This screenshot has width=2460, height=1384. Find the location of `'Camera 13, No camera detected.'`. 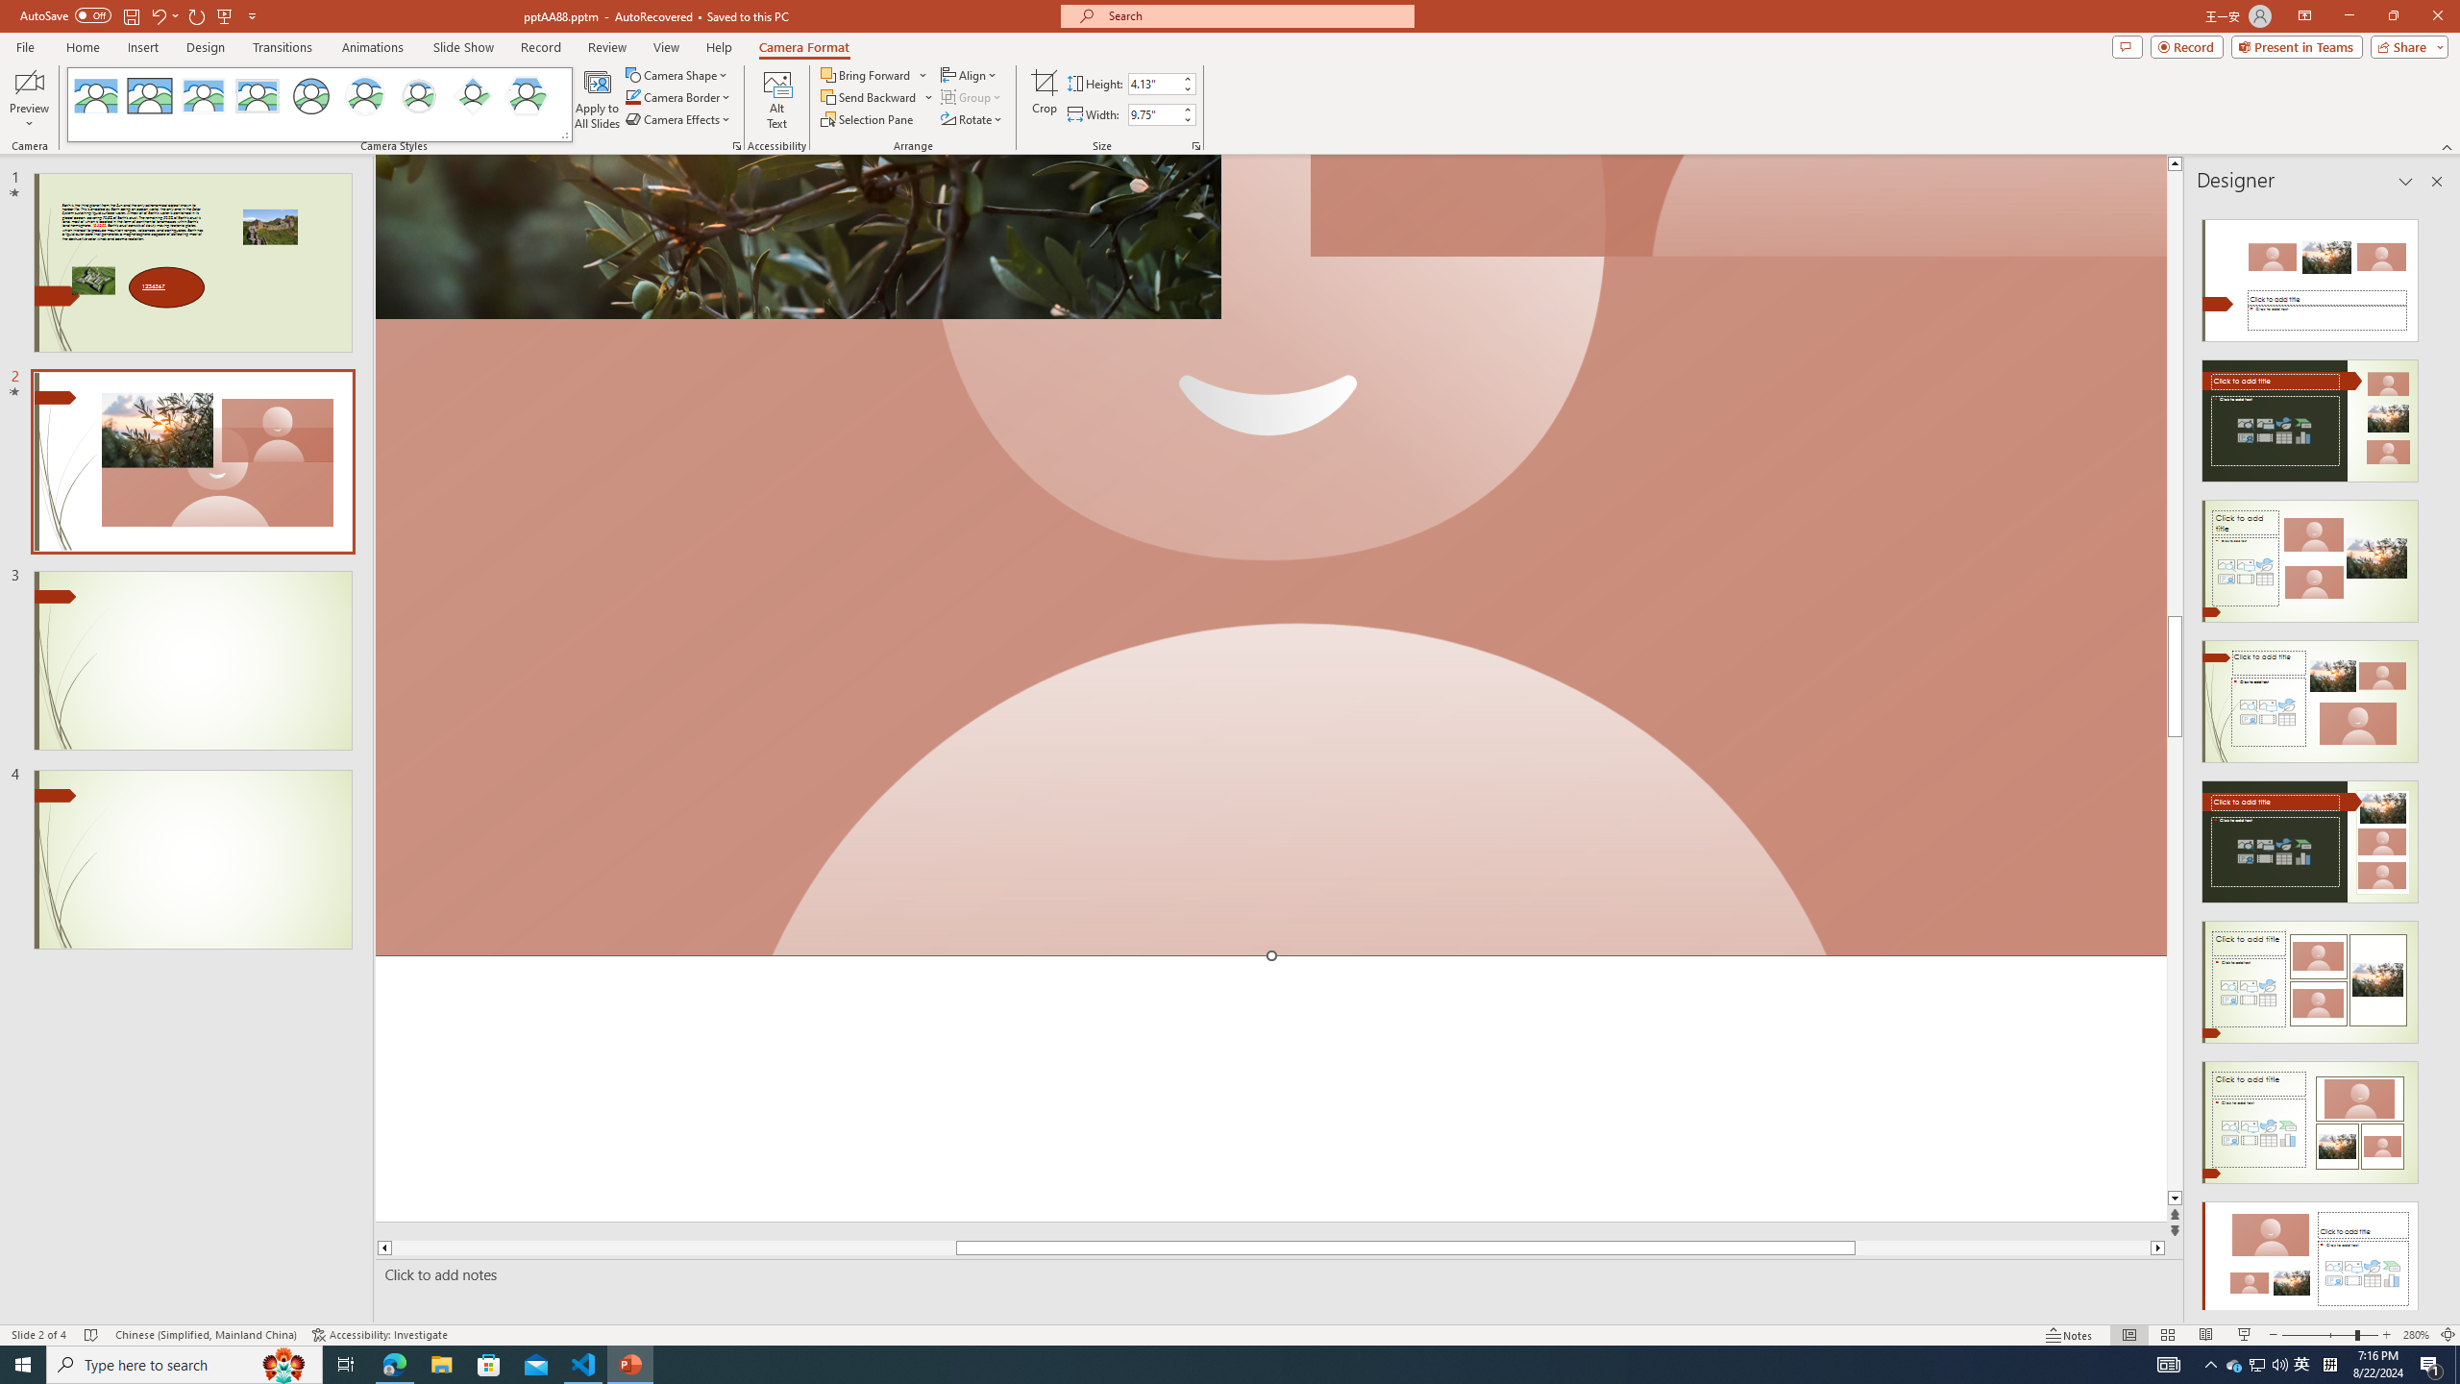

'Camera 13, No camera detected.' is located at coordinates (1270, 556).